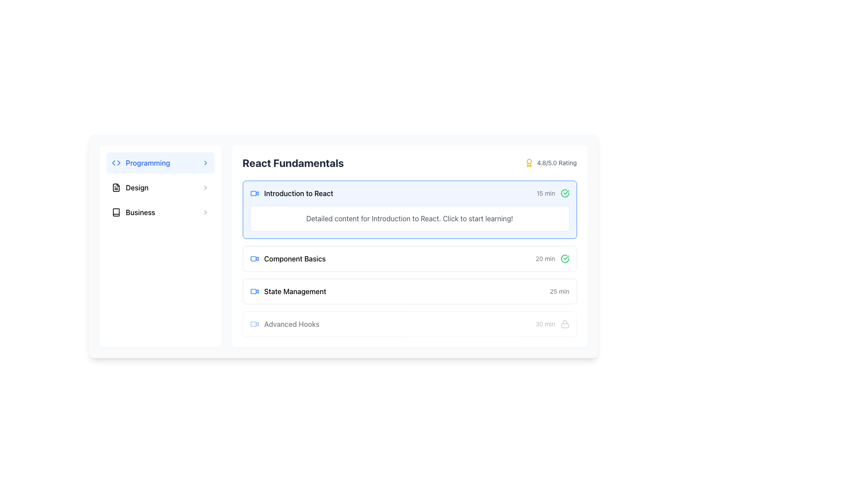  I want to click on the text label that displays the user rating or score for the 'React Fundamentals' section, located at the top-right corner of the section, next to a medal icon, so click(556, 163).